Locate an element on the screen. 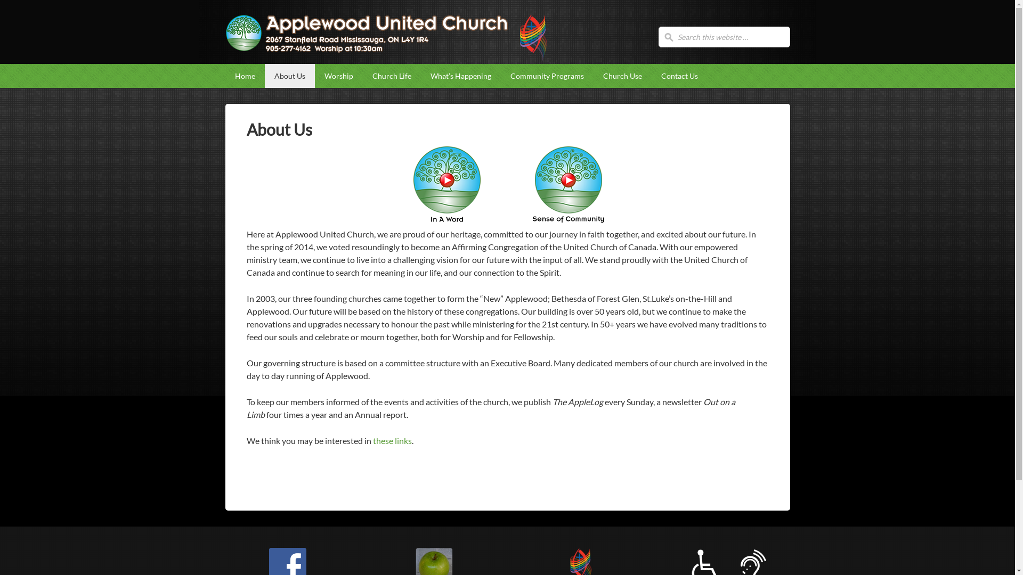  'Click to play the video' is located at coordinates (446, 184).